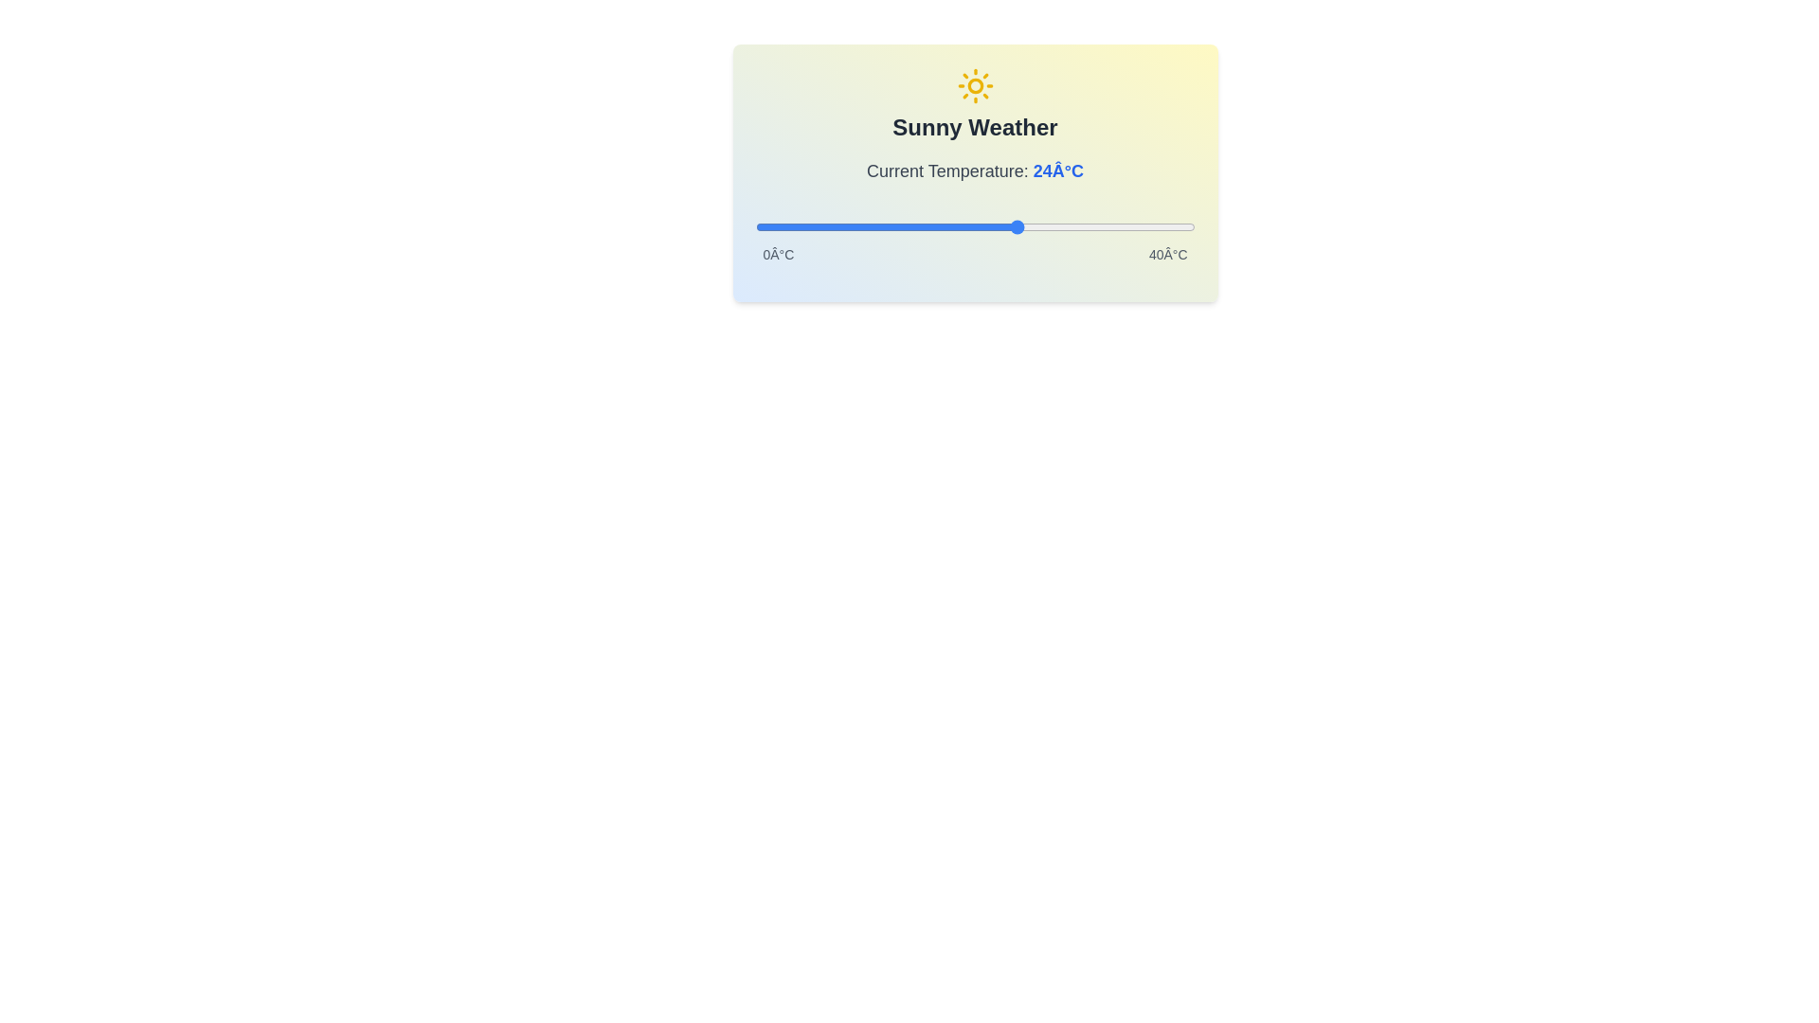  Describe the element at coordinates (897, 225) in the screenshot. I see `the temperature slider` at that location.